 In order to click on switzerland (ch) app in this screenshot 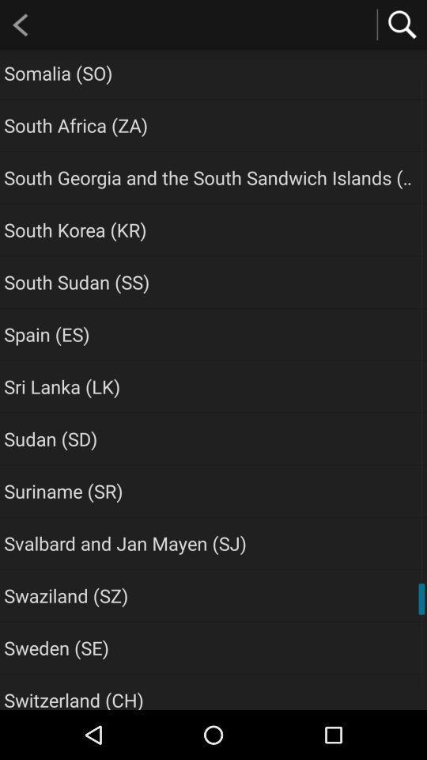, I will do `click(73, 697)`.